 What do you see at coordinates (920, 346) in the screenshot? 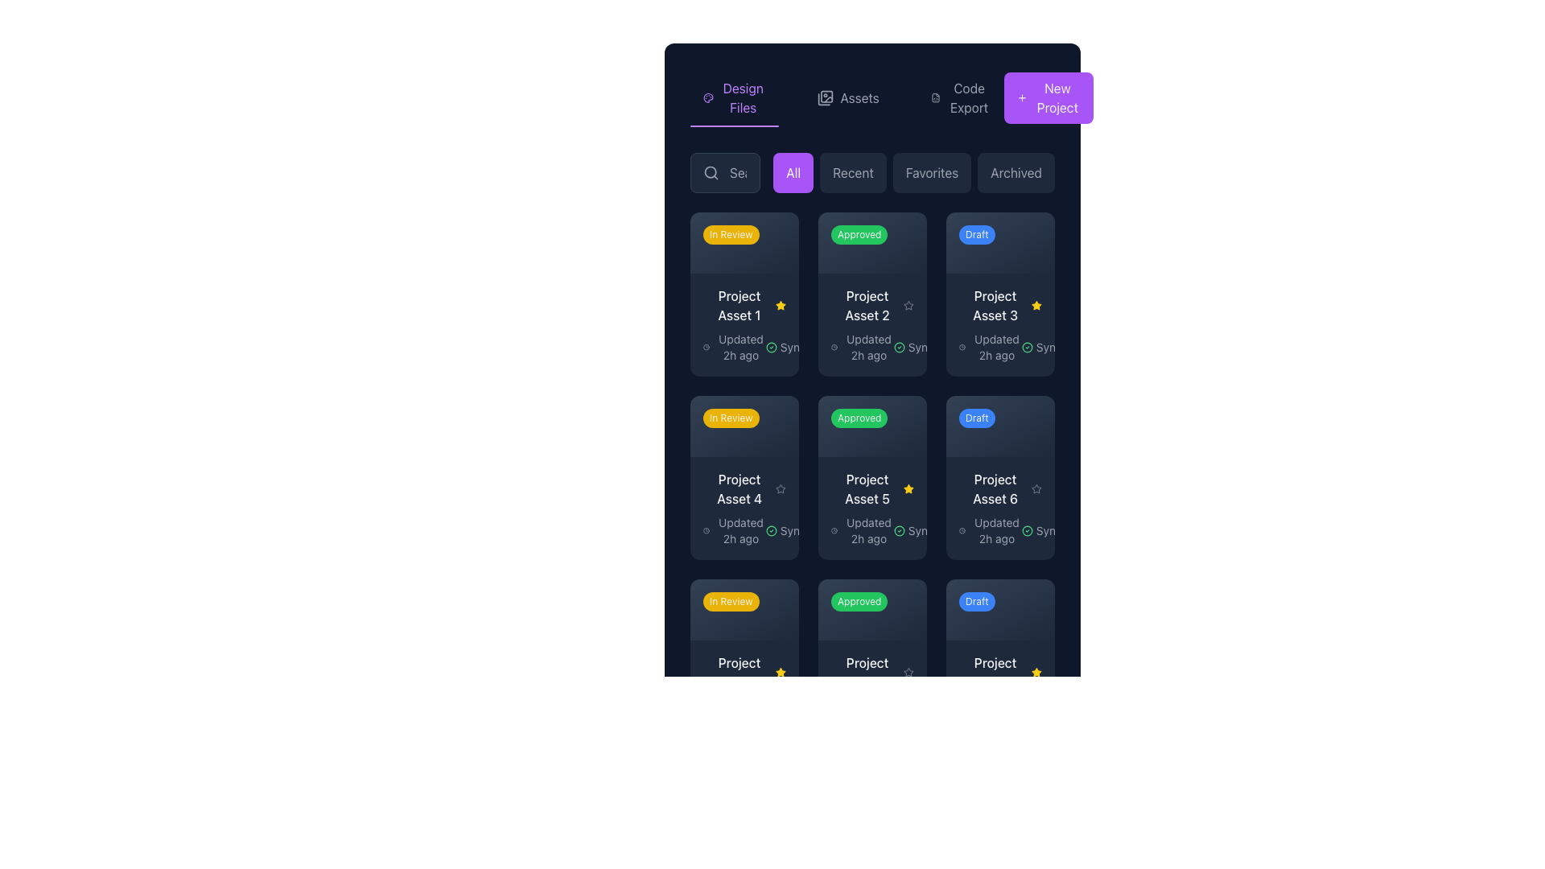
I see `the 'Synced' label with a green checkmark icon located in the summary section under the 'Project Asset 2' card` at bounding box center [920, 346].